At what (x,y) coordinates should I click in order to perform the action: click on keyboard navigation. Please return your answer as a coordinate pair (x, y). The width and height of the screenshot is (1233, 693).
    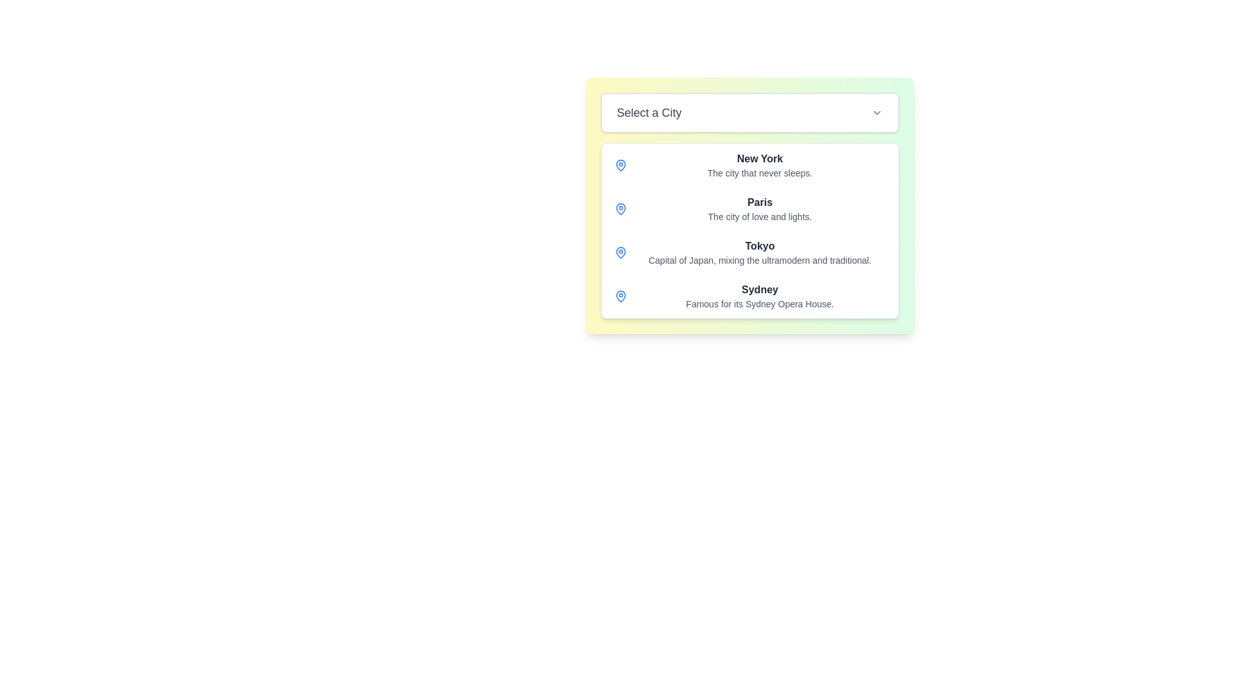
    Looking at the image, I should click on (760, 158).